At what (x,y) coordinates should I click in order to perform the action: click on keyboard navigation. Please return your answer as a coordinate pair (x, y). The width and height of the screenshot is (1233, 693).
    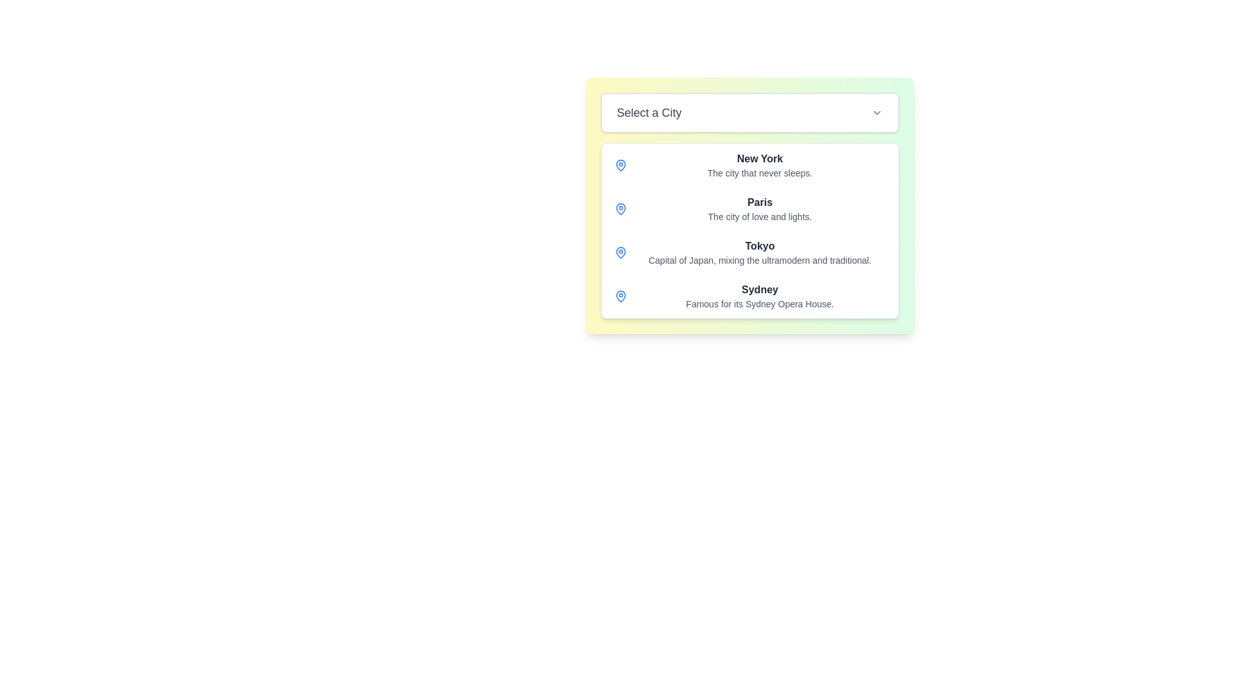
    Looking at the image, I should click on (760, 158).